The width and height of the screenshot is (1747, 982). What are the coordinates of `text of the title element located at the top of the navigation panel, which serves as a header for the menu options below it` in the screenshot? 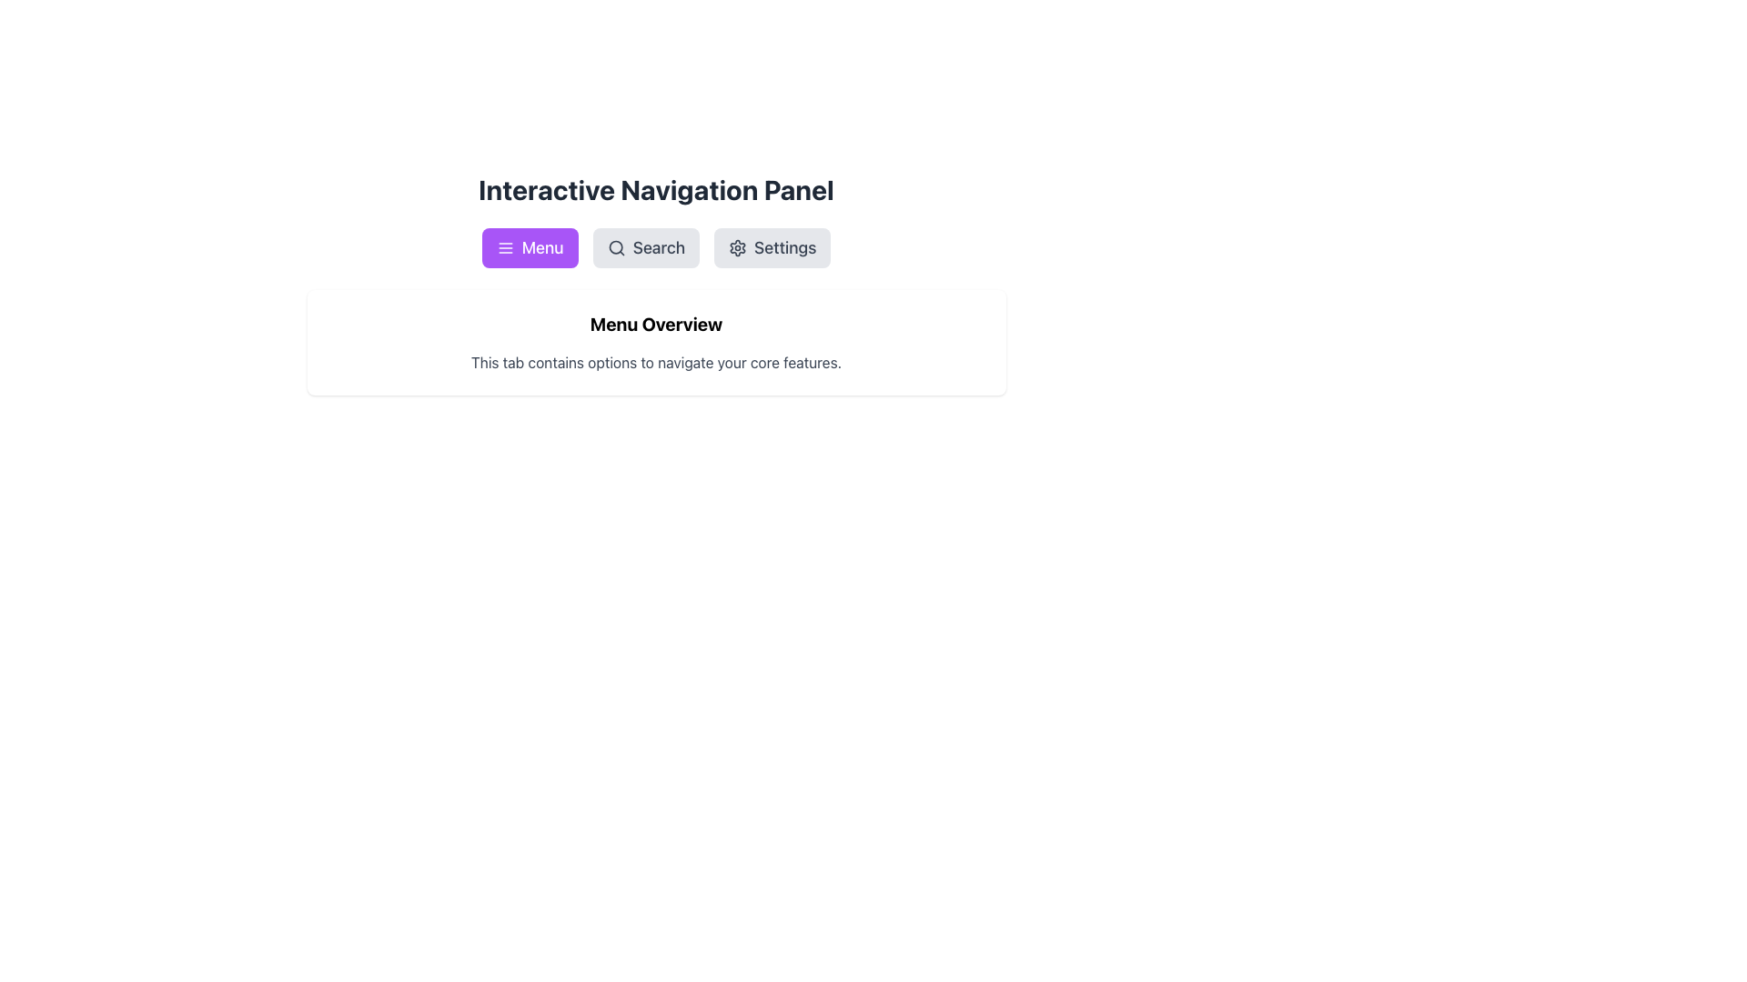 It's located at (655, 189).